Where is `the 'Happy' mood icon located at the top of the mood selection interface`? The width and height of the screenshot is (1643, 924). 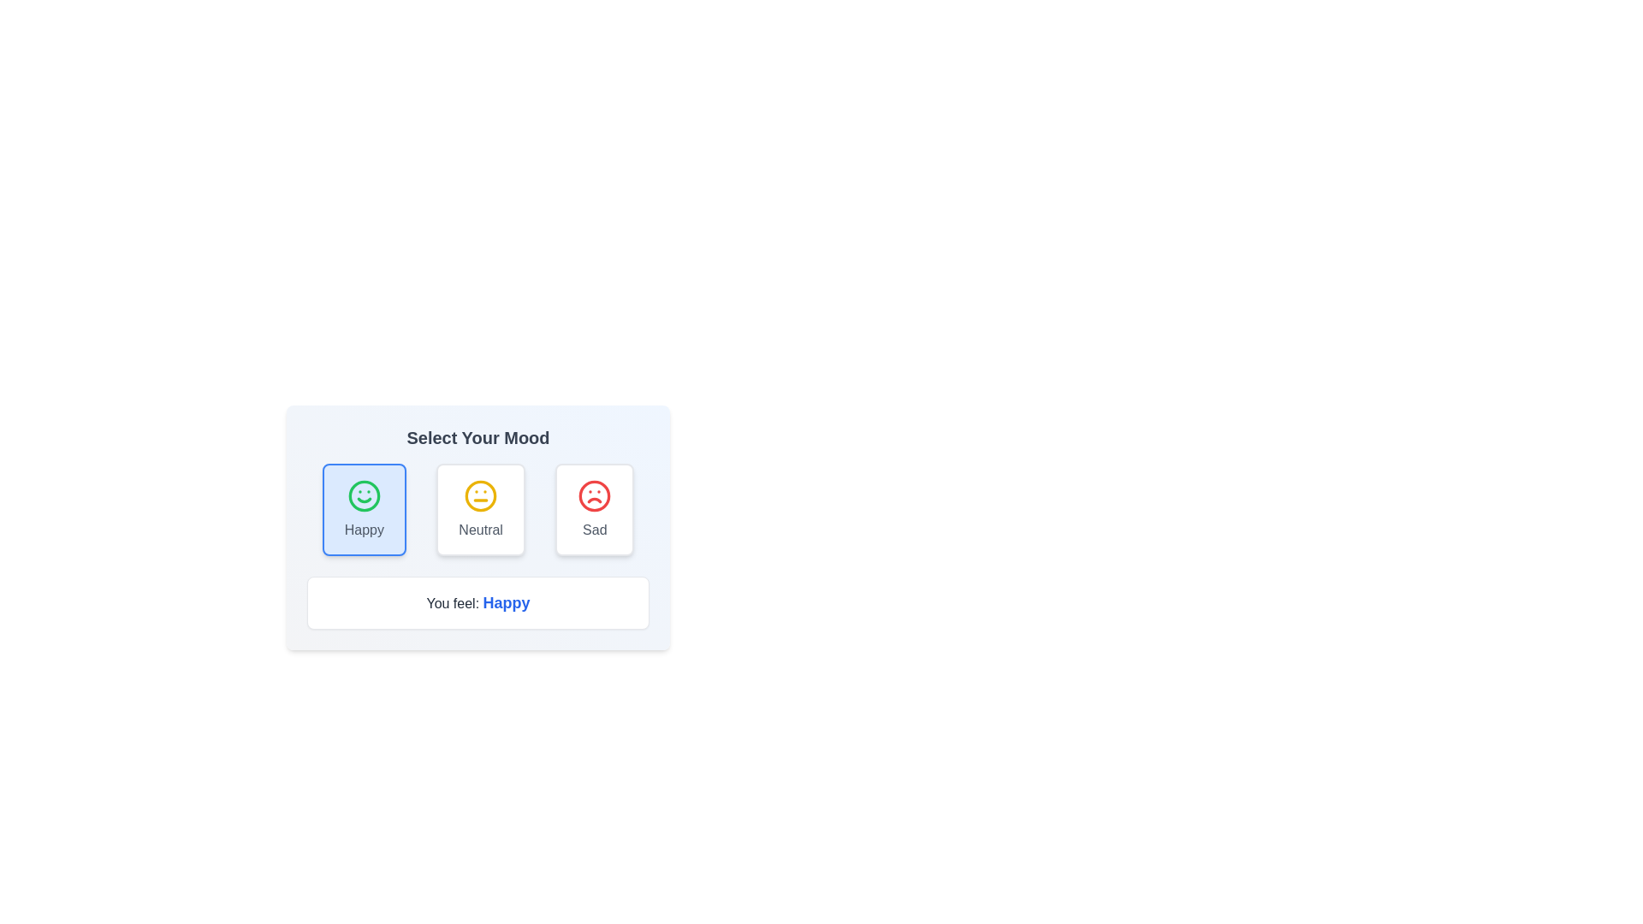 the 'Happy' mood icon located at the top of the mood selection interface is located at coordinates (363, 495).